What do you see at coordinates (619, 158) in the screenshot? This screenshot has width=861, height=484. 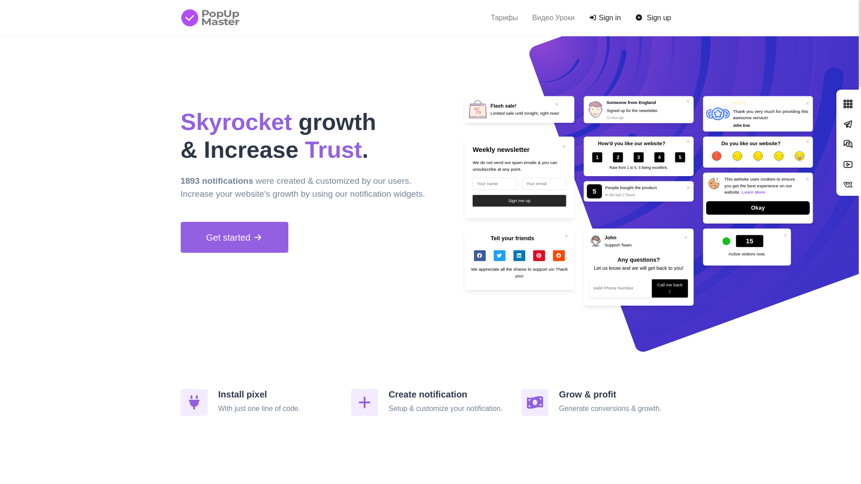 I see `'2'` at bounding box center [619, 158].